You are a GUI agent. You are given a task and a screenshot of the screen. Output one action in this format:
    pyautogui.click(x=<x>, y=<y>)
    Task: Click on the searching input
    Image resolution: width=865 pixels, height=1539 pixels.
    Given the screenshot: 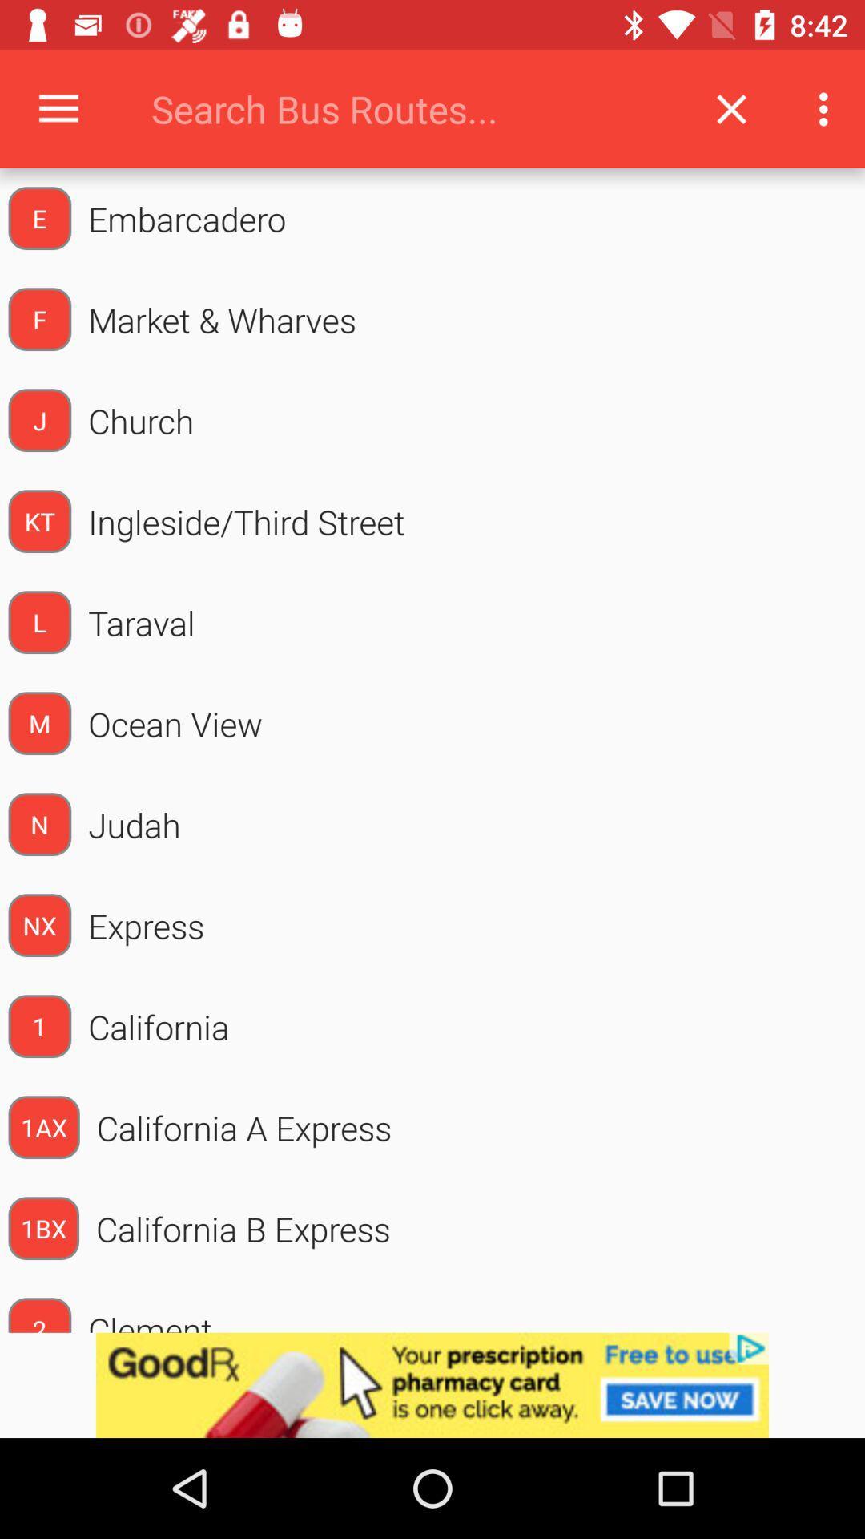 What is the action you would take?
    pyautogui.click(x=411, y=108)
    